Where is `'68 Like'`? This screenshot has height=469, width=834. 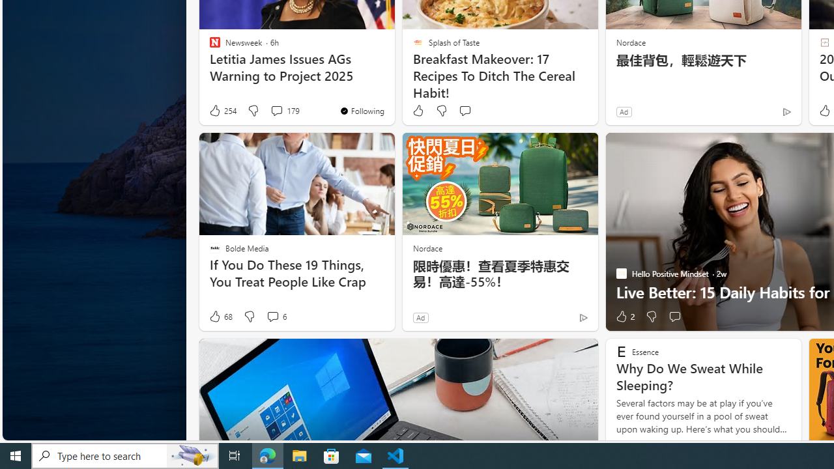
'68 Like' is located at coordinates (220, 317).